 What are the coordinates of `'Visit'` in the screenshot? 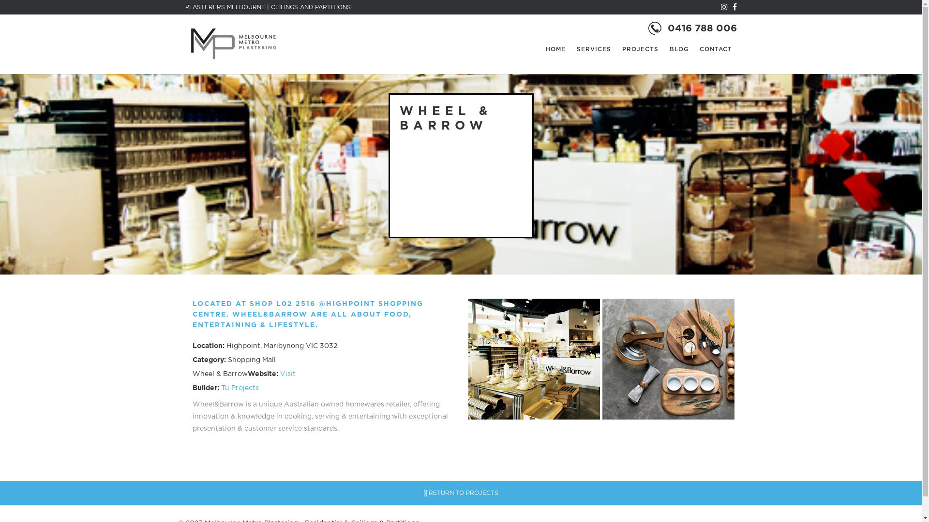 It's located at (287, 374).